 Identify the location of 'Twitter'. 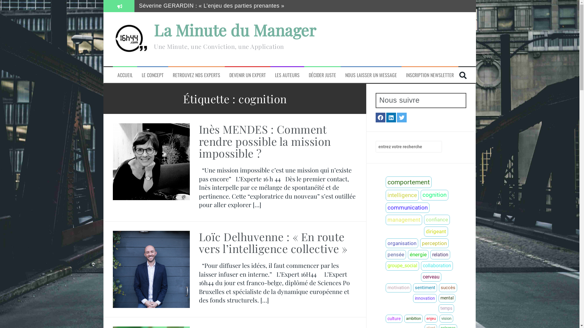
(401, 117).